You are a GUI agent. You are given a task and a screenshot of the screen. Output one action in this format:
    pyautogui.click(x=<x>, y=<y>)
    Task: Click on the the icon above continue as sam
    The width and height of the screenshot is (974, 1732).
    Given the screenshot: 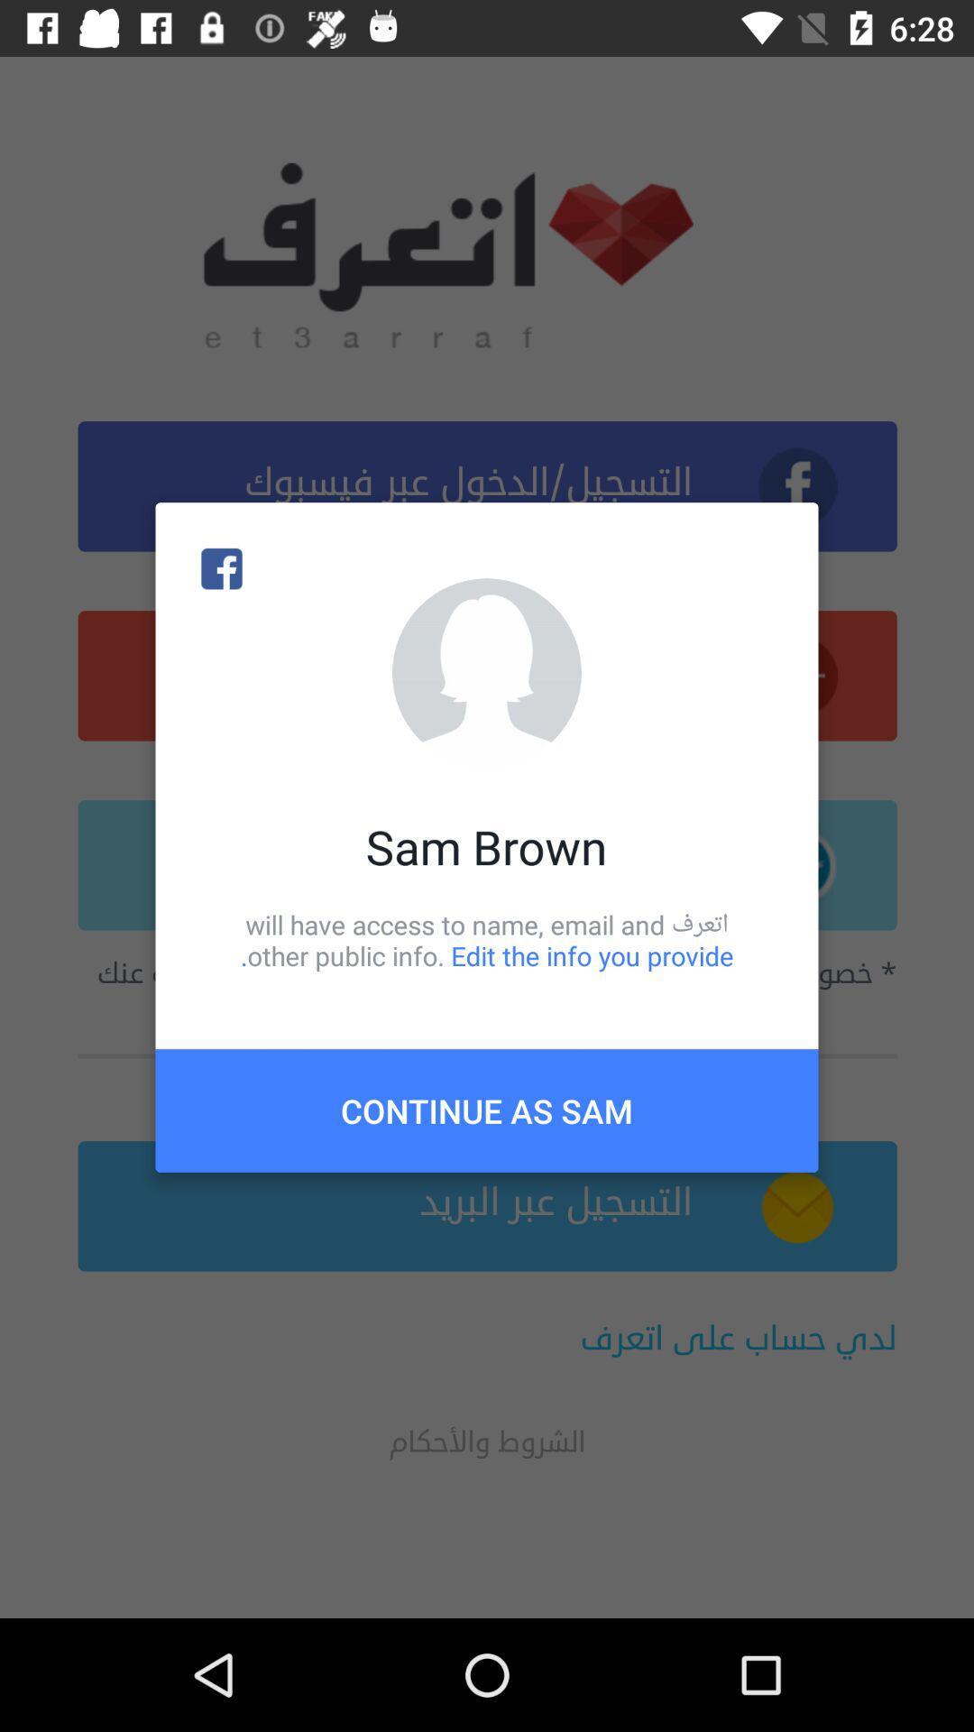 What is the action you would take?
    pyautogui.click(x=487, y=939)
    